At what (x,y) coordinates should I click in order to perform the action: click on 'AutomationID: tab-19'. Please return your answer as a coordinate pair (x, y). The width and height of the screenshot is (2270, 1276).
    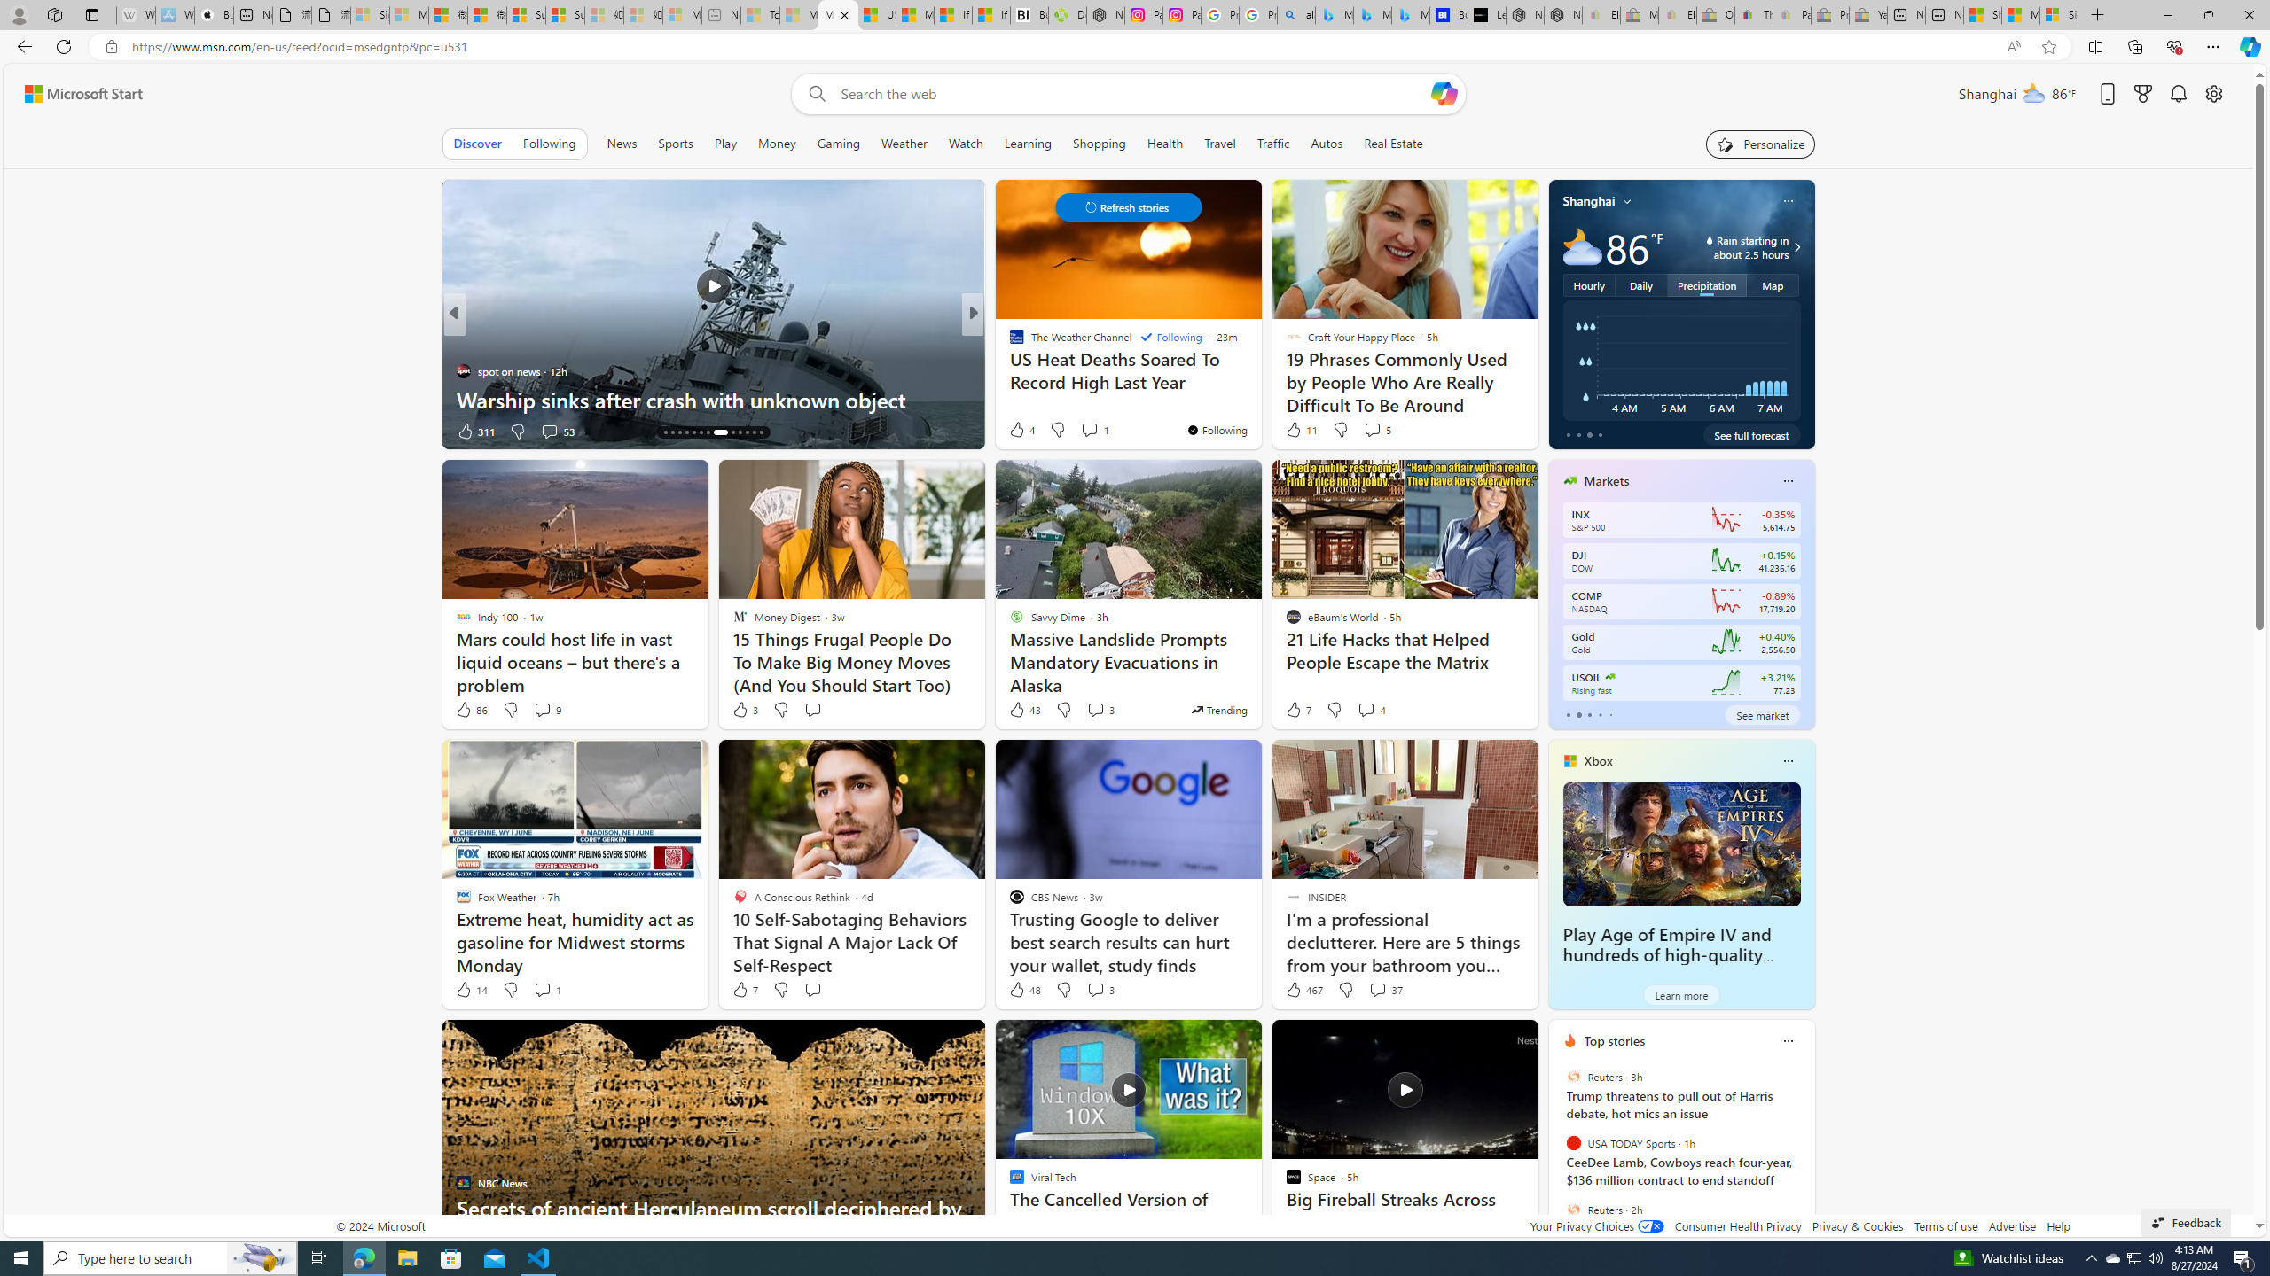
    Looking at the image, I should click on (701, 432).